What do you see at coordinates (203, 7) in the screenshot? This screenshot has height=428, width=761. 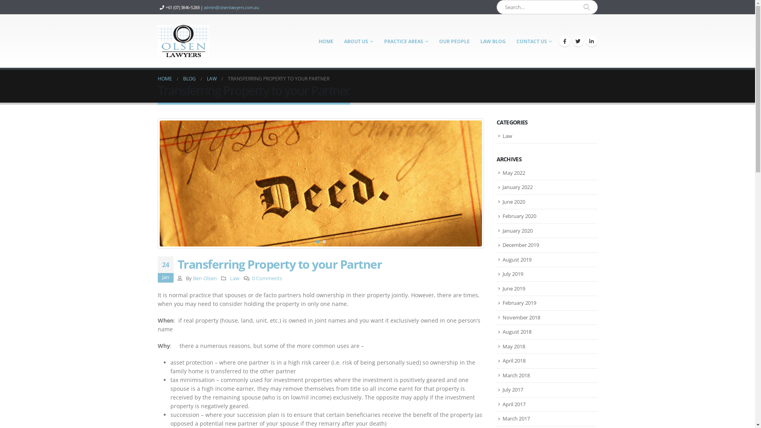 I see `'admin@olsenlawyers.com.au'` at bounding box center [203, 7].